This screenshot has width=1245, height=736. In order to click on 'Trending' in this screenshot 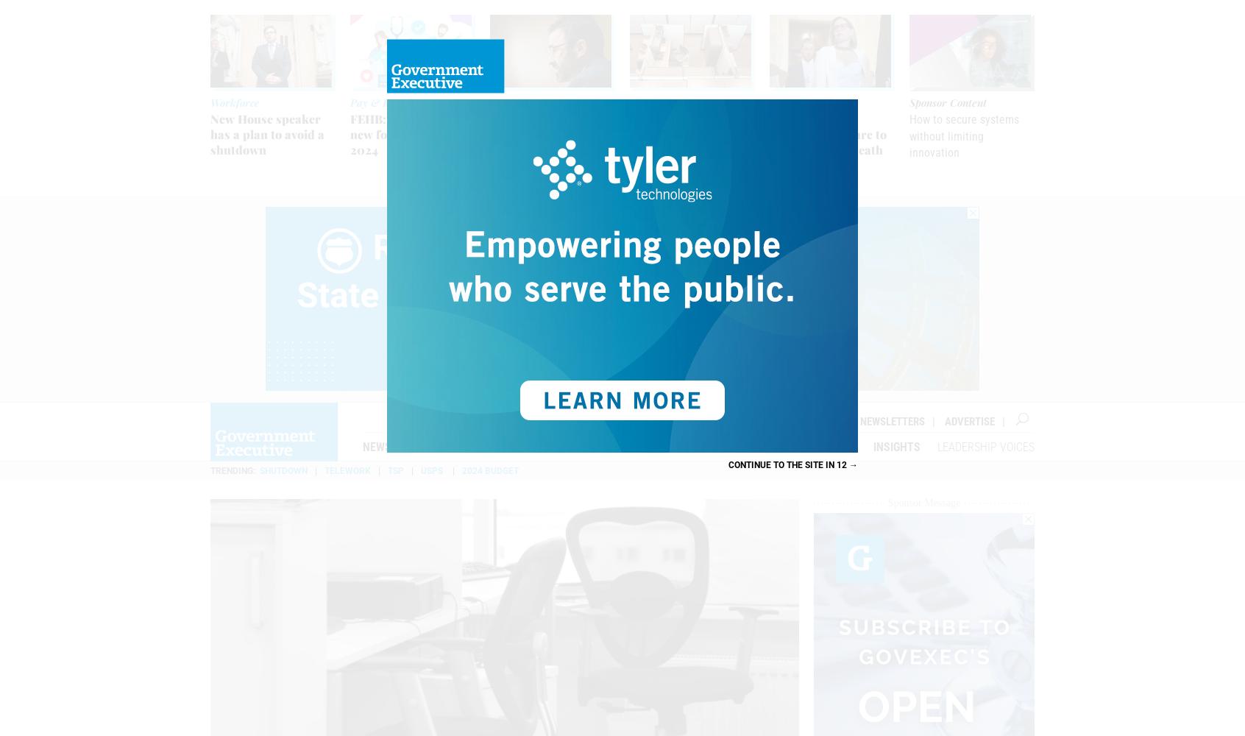, I will do `click(231, 471)`.